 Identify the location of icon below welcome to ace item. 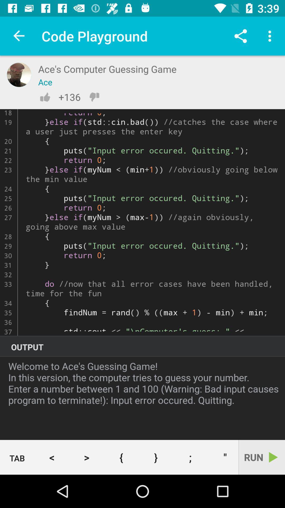
(17, 457).